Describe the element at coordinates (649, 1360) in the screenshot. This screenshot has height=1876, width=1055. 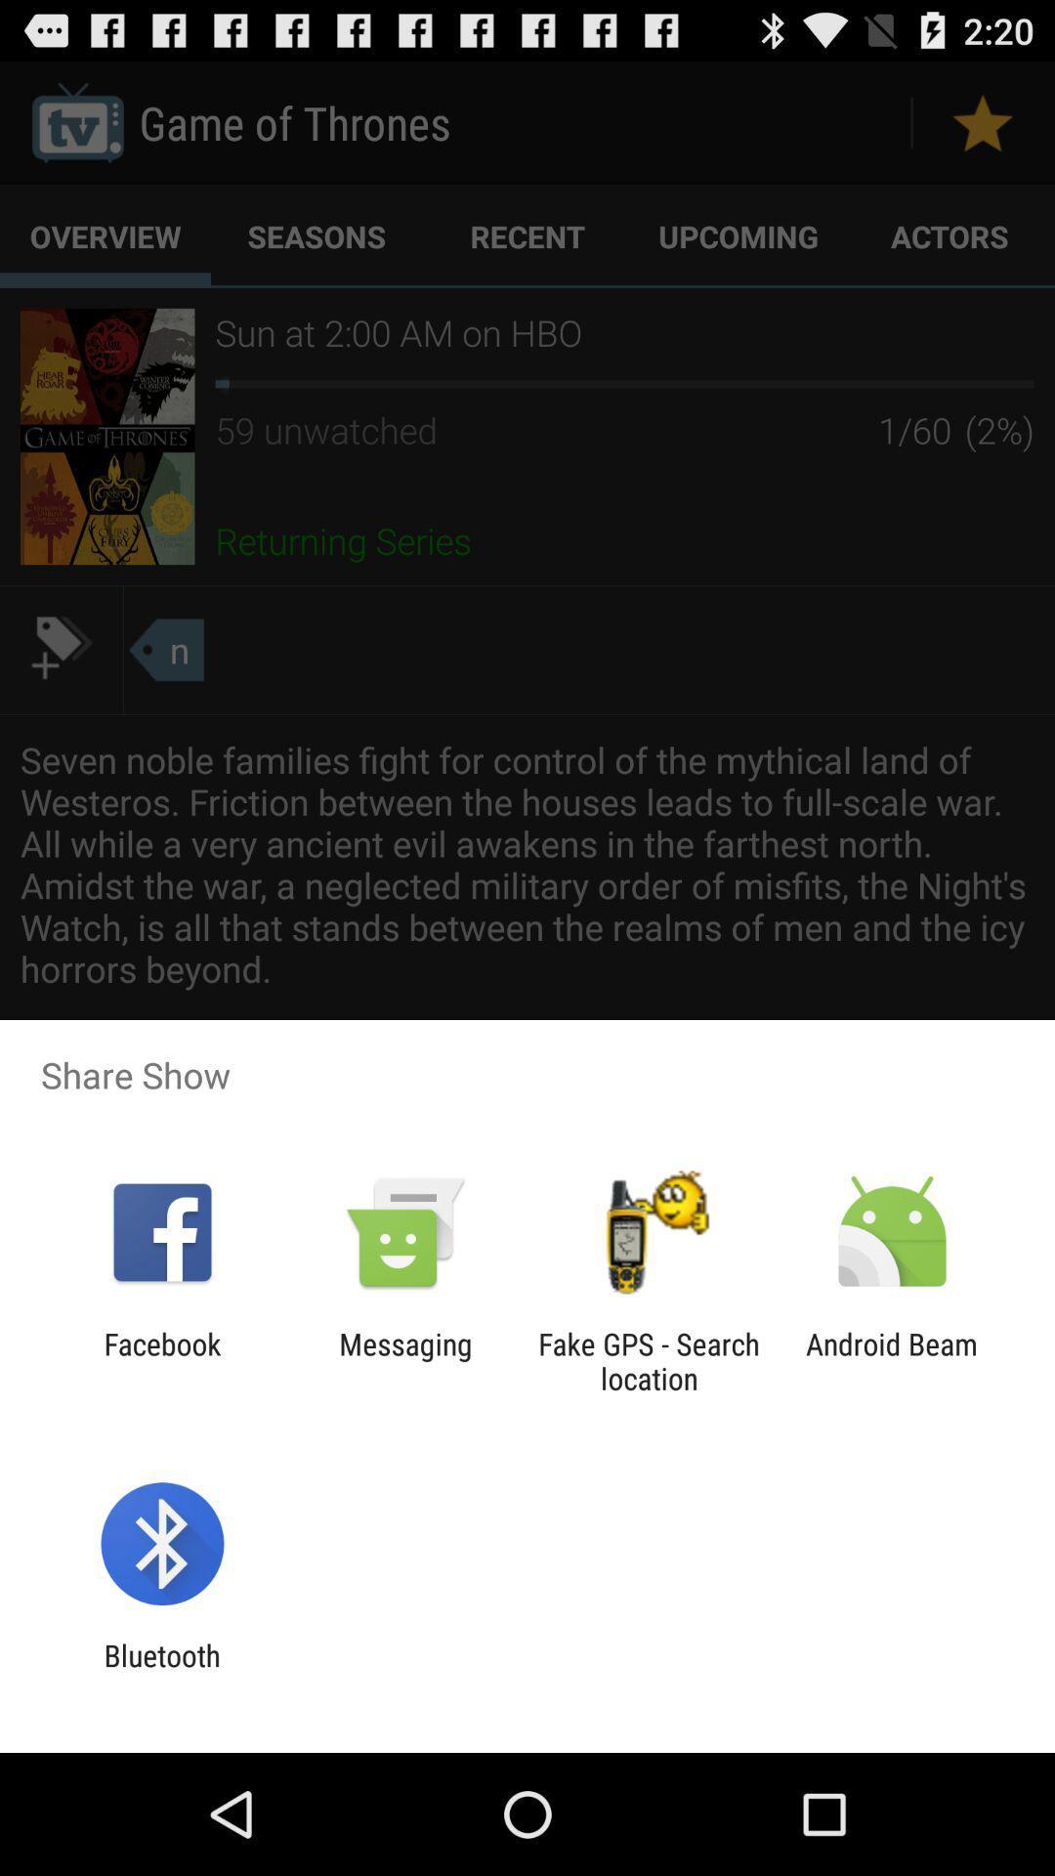
I see `the icon next to the android beam` at that location.